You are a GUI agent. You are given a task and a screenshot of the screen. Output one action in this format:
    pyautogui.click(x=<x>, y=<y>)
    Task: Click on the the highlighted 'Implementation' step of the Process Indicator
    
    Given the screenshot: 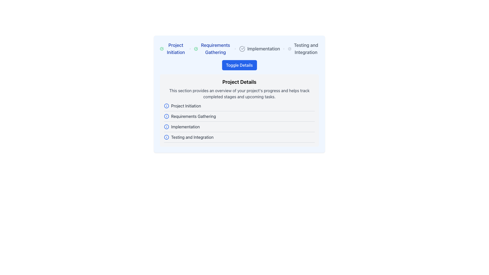 What is the action you would take?
    pyautogui.click(x=239, y=49)
    